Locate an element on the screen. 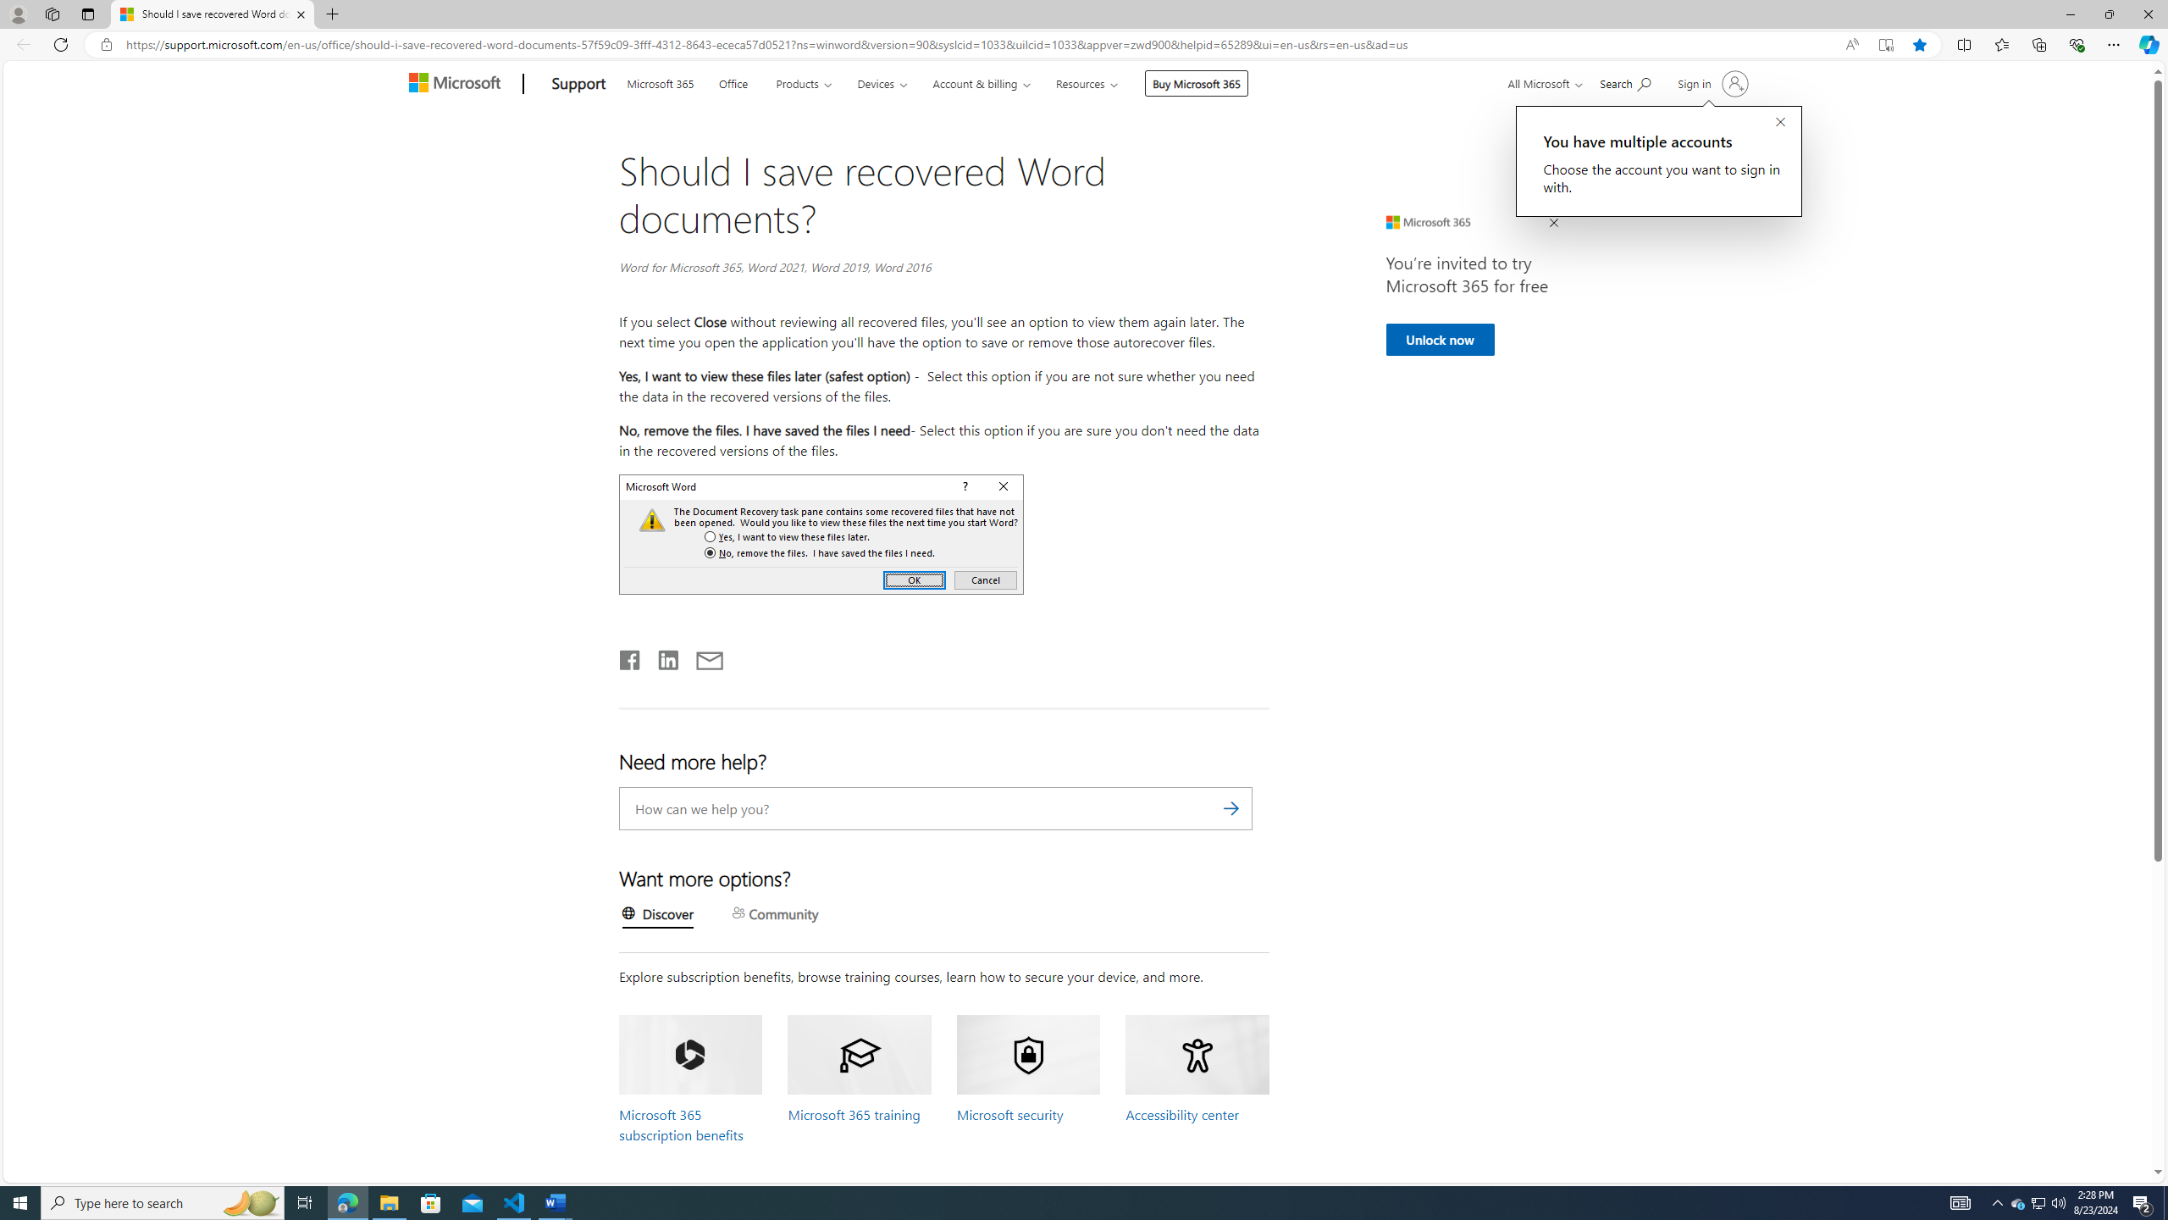  'Close tab' is located at coordinates (300, 14).